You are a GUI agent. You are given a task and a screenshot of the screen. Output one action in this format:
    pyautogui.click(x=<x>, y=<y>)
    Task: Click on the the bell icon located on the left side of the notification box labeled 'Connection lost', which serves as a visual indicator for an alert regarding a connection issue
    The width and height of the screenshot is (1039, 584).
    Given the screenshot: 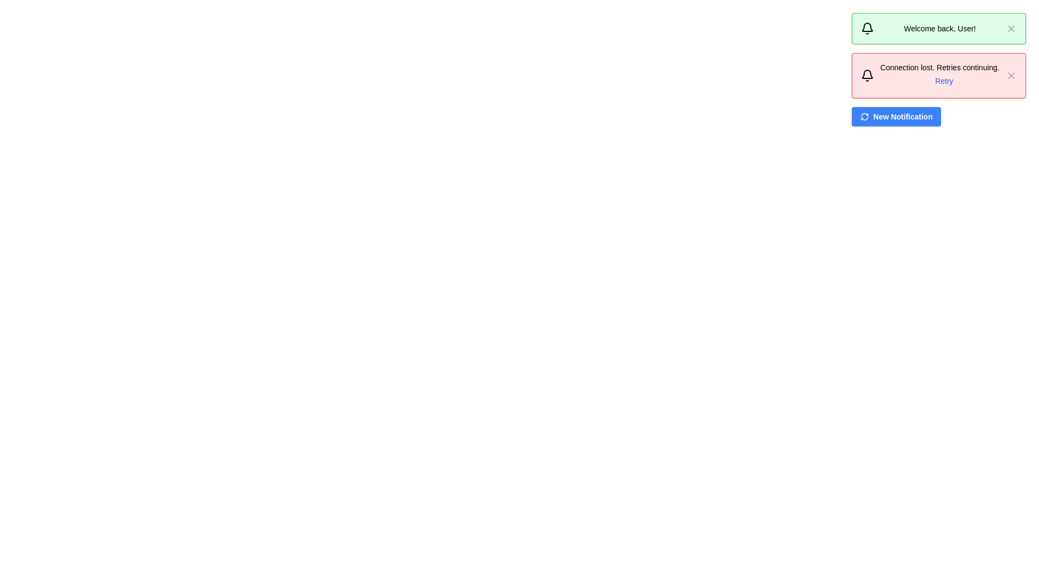 What is the action you would take?
    pyautogui.click(x=867, y=75)
    